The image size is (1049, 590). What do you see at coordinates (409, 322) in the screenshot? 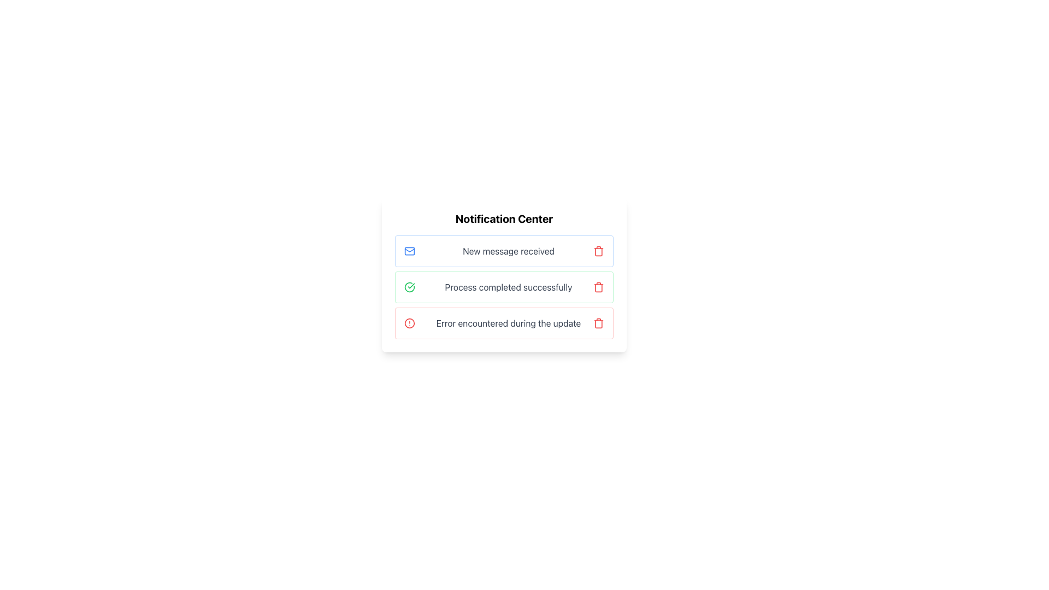
I see `the decorative circle element of the alert icon indicating an error message, located in the third row of the notification center UI, to the left of the label 'Error encountered during the update'` at bounding box center [409, 322].